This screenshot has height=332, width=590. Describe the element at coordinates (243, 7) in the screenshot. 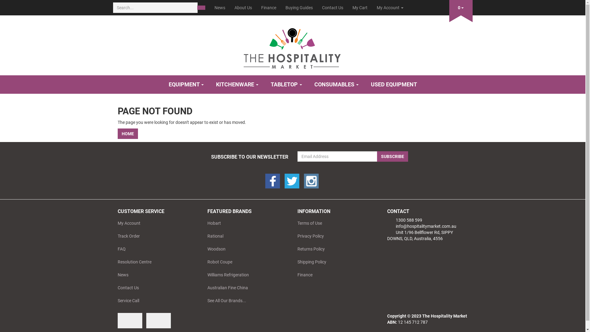

I see `'About Us'` at that location.